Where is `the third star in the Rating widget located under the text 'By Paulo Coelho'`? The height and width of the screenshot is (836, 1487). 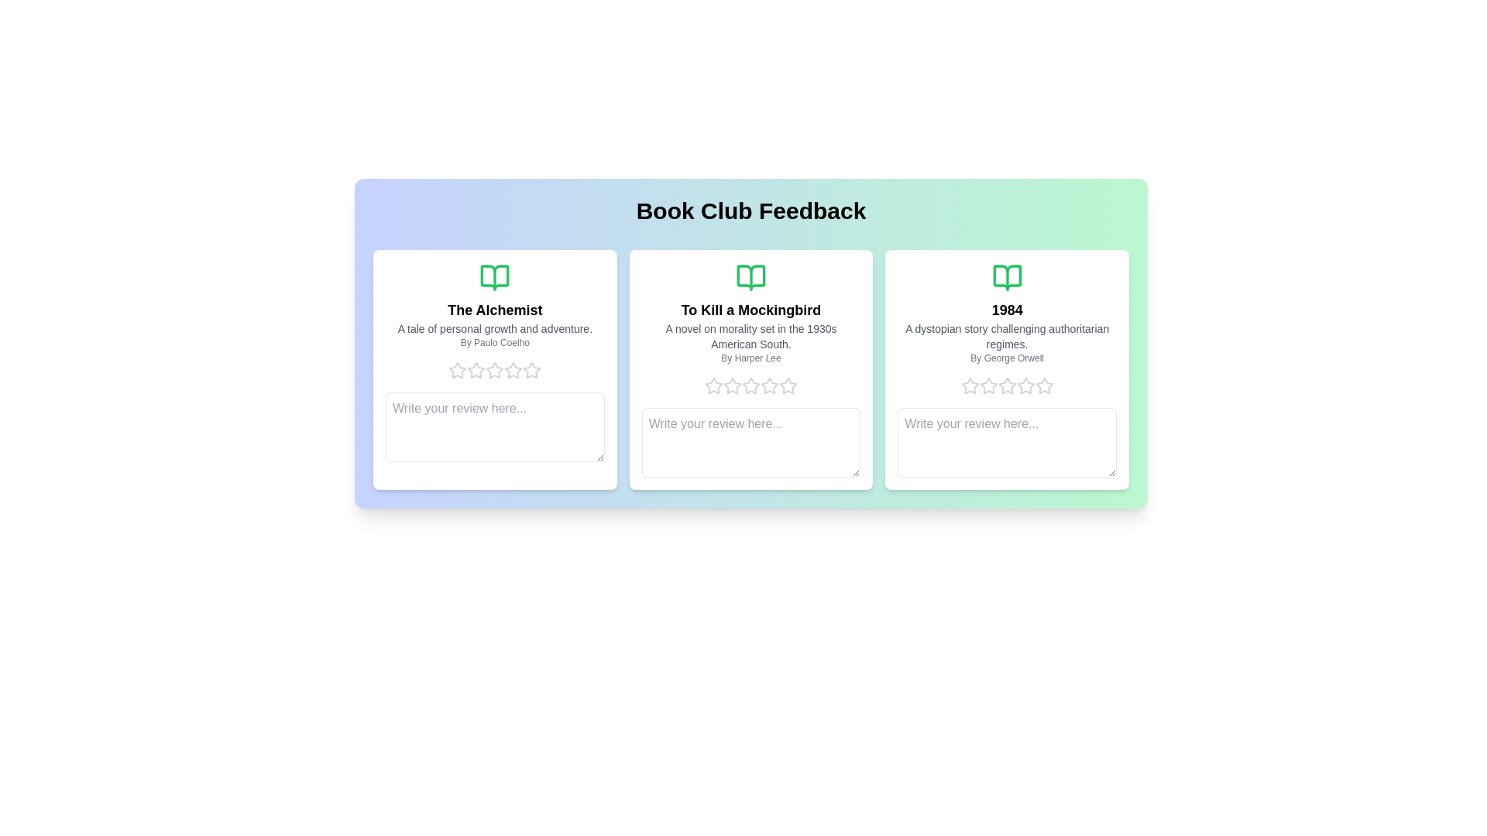 the third star in the Rating widget located under the text 'By Paulo Coelho' is located at coordinates (494, 370).